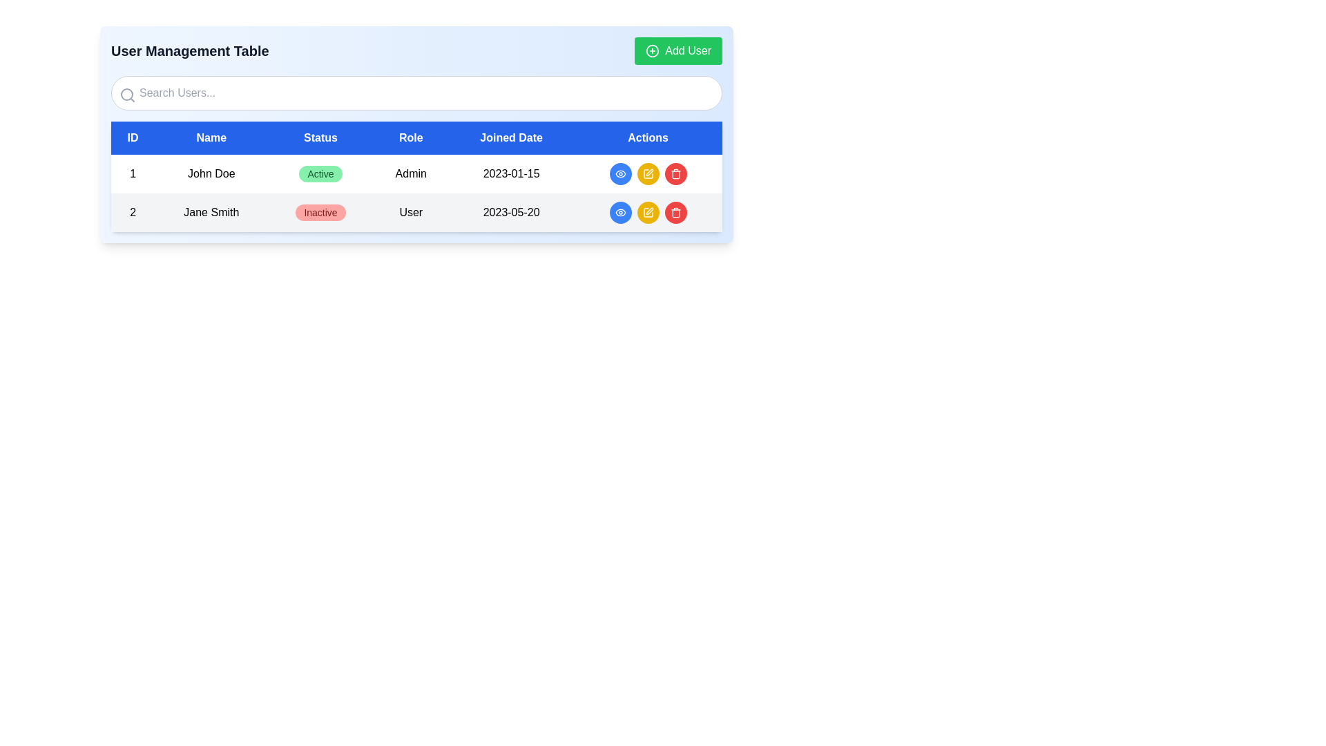 This screenshot has height=746, width=1326. Describe the element at coordinates (133, 138) in the screenshot. I see `the table header cell labeled 'ID', which is the first column header of a table with various labels, including 'Name', 'Status', 'Role', 'Joined Date', and 'Actions'` at that location.